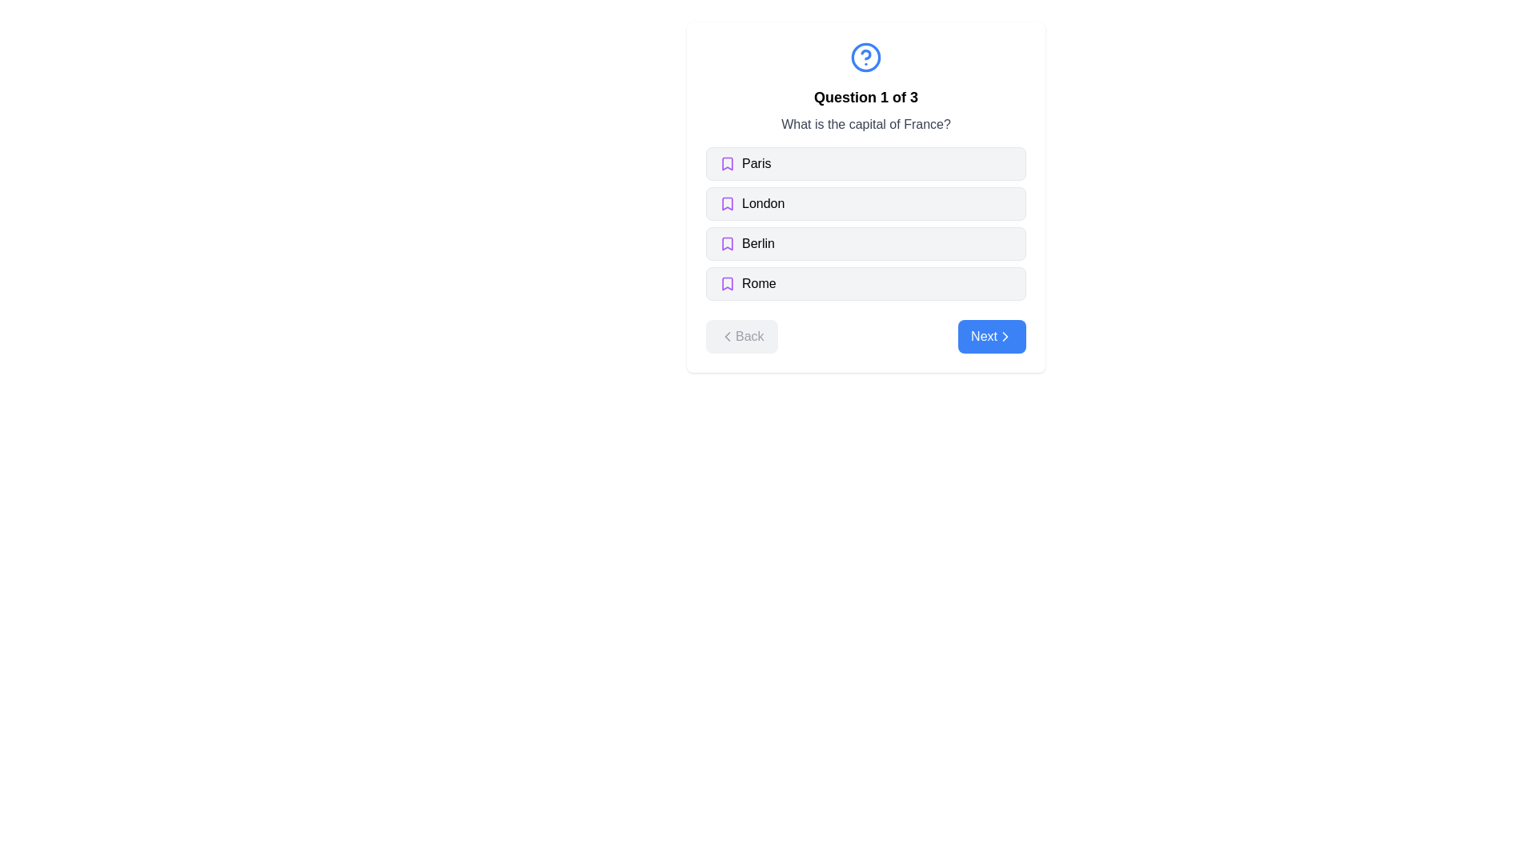 This screenshot has height=864, width=1537. What do you see at coordinates (726, 163) in the screenshot?
I see `the purple bookmark-shaped icon associated with the answer option 'Paris'` at bounding box center [726, 163].